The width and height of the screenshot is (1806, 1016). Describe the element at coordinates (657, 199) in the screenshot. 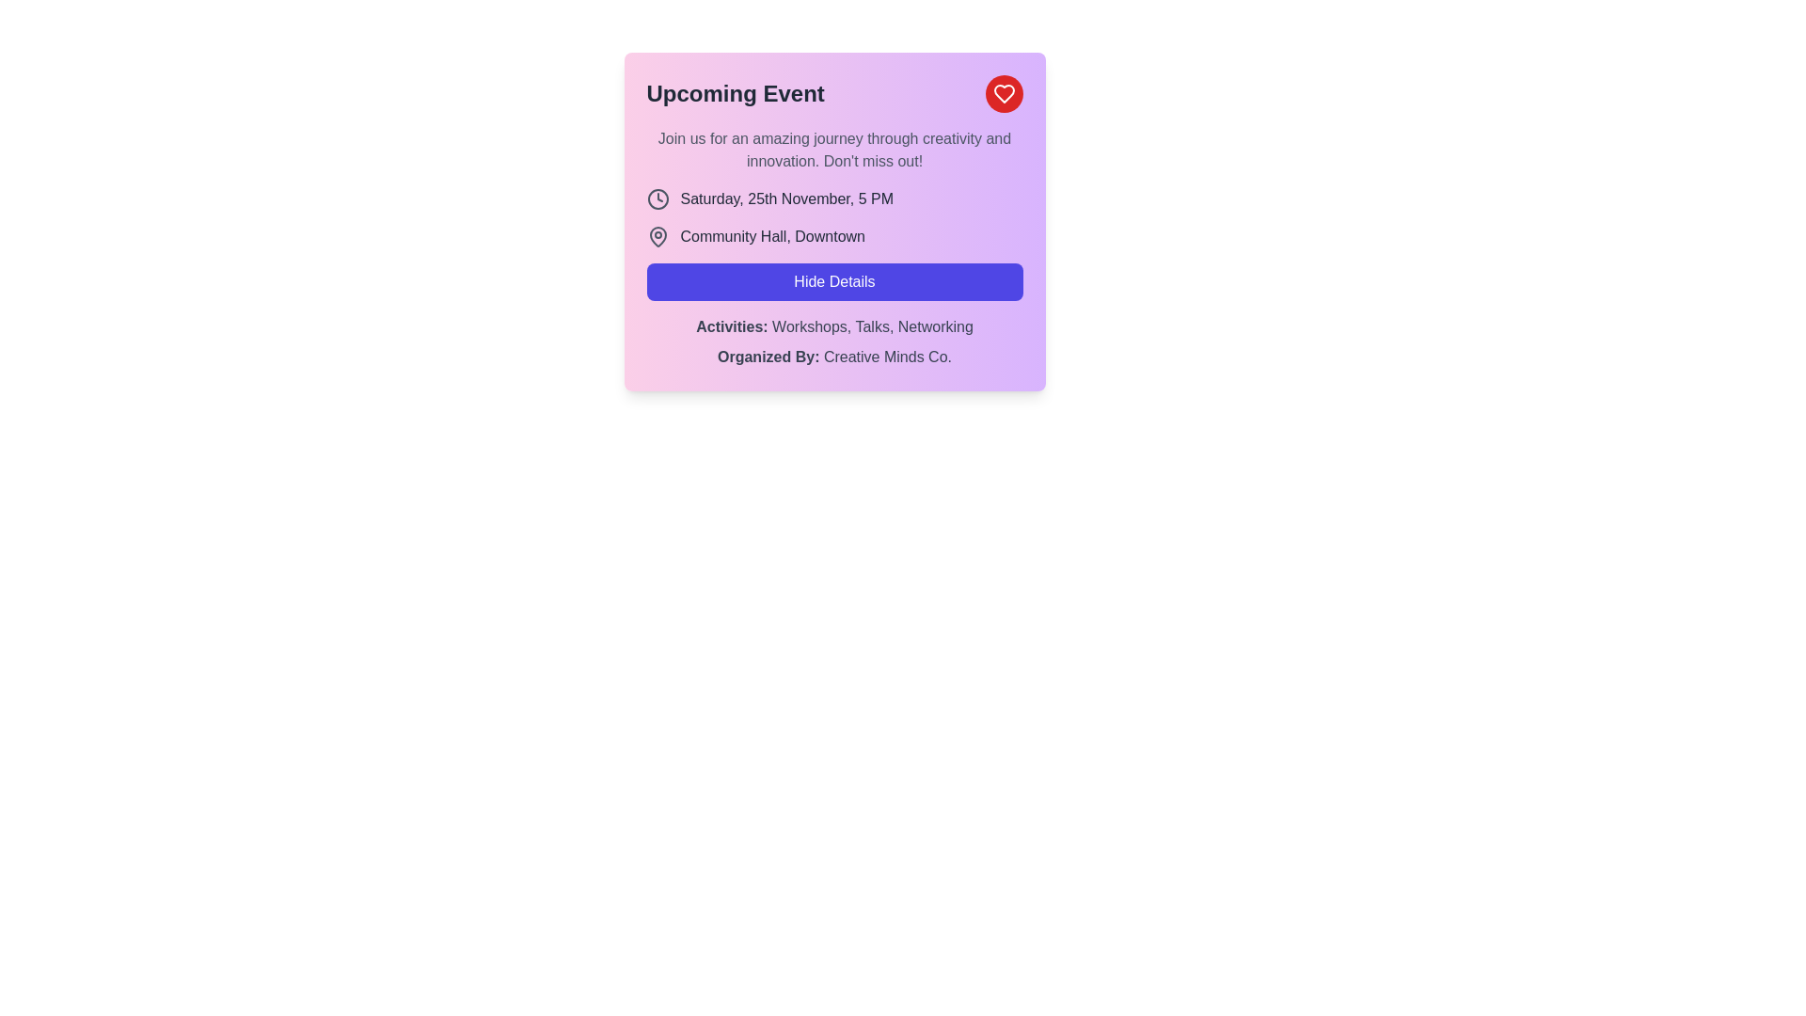

I see `the SVG circle graphic element that is part of the clock icon, located near the center of the clock and to the left of the text 'Saturday, 25th November, 5 PM'` at that location.